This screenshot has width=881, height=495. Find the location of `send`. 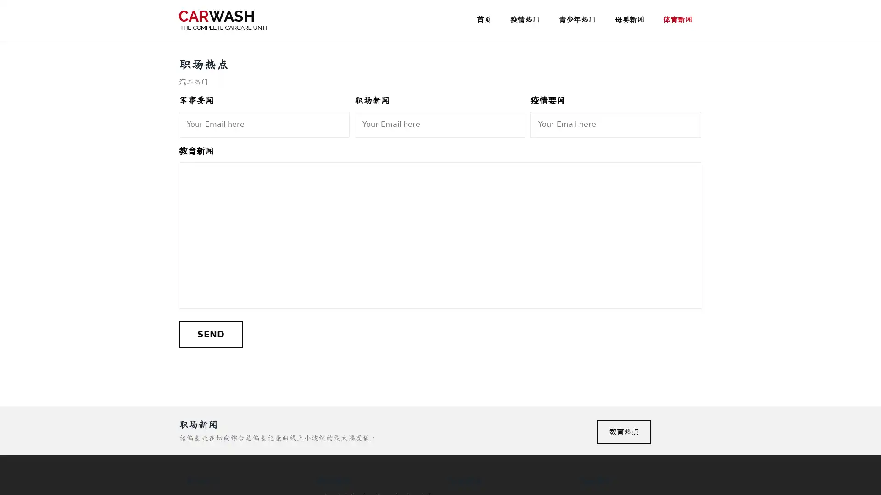

send is located at coordinates (210, 334).